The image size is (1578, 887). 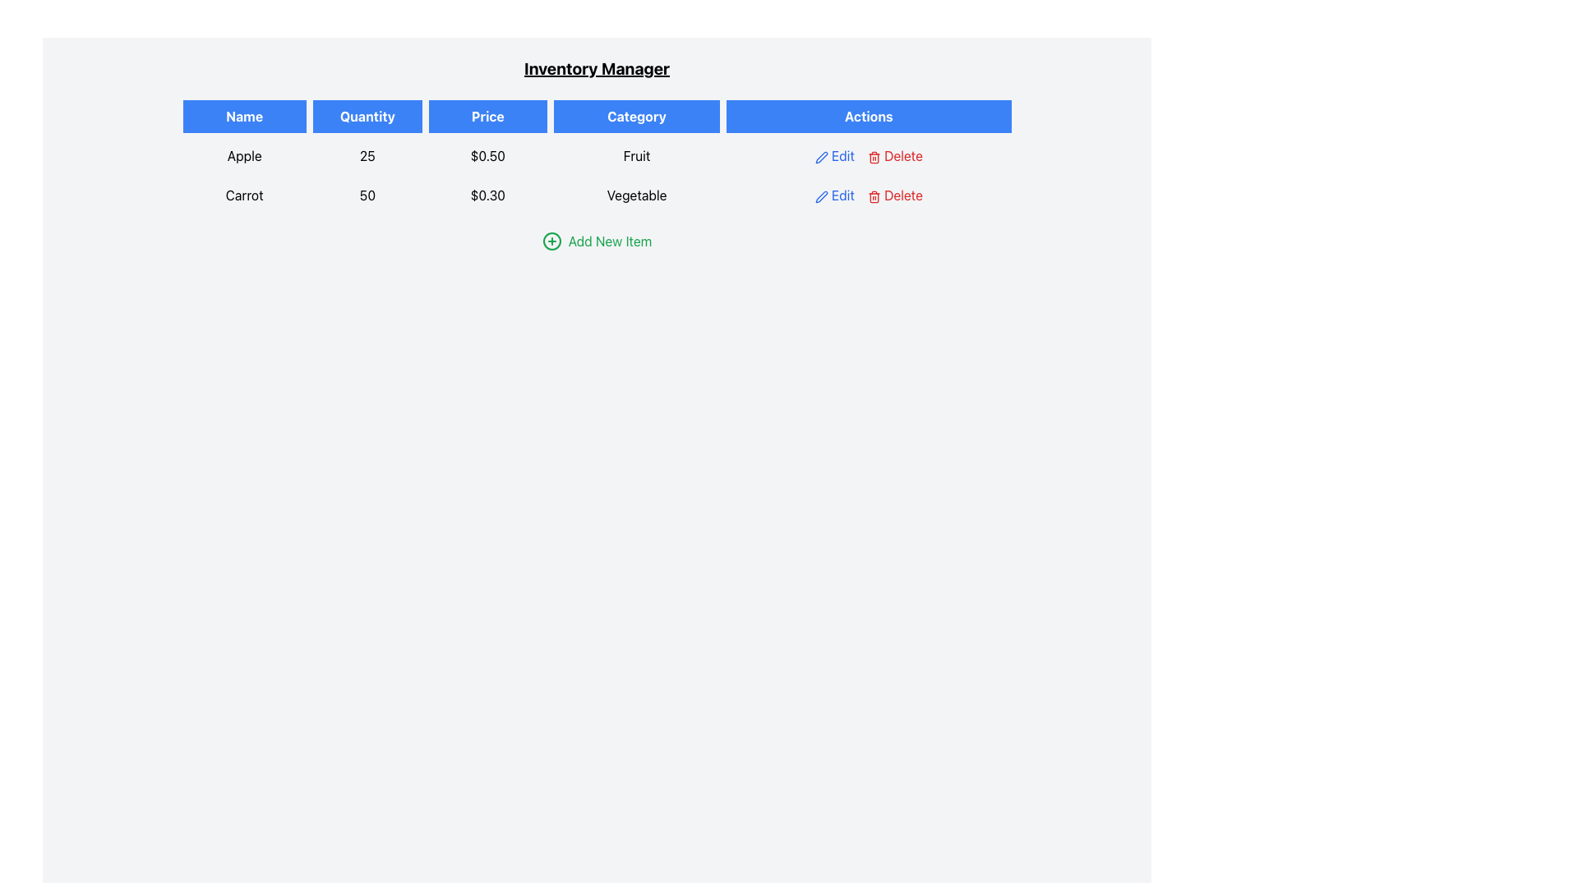 I want to click on the green 'Add New Item' button with a circular '+' icon, so click(x=596, y=241).